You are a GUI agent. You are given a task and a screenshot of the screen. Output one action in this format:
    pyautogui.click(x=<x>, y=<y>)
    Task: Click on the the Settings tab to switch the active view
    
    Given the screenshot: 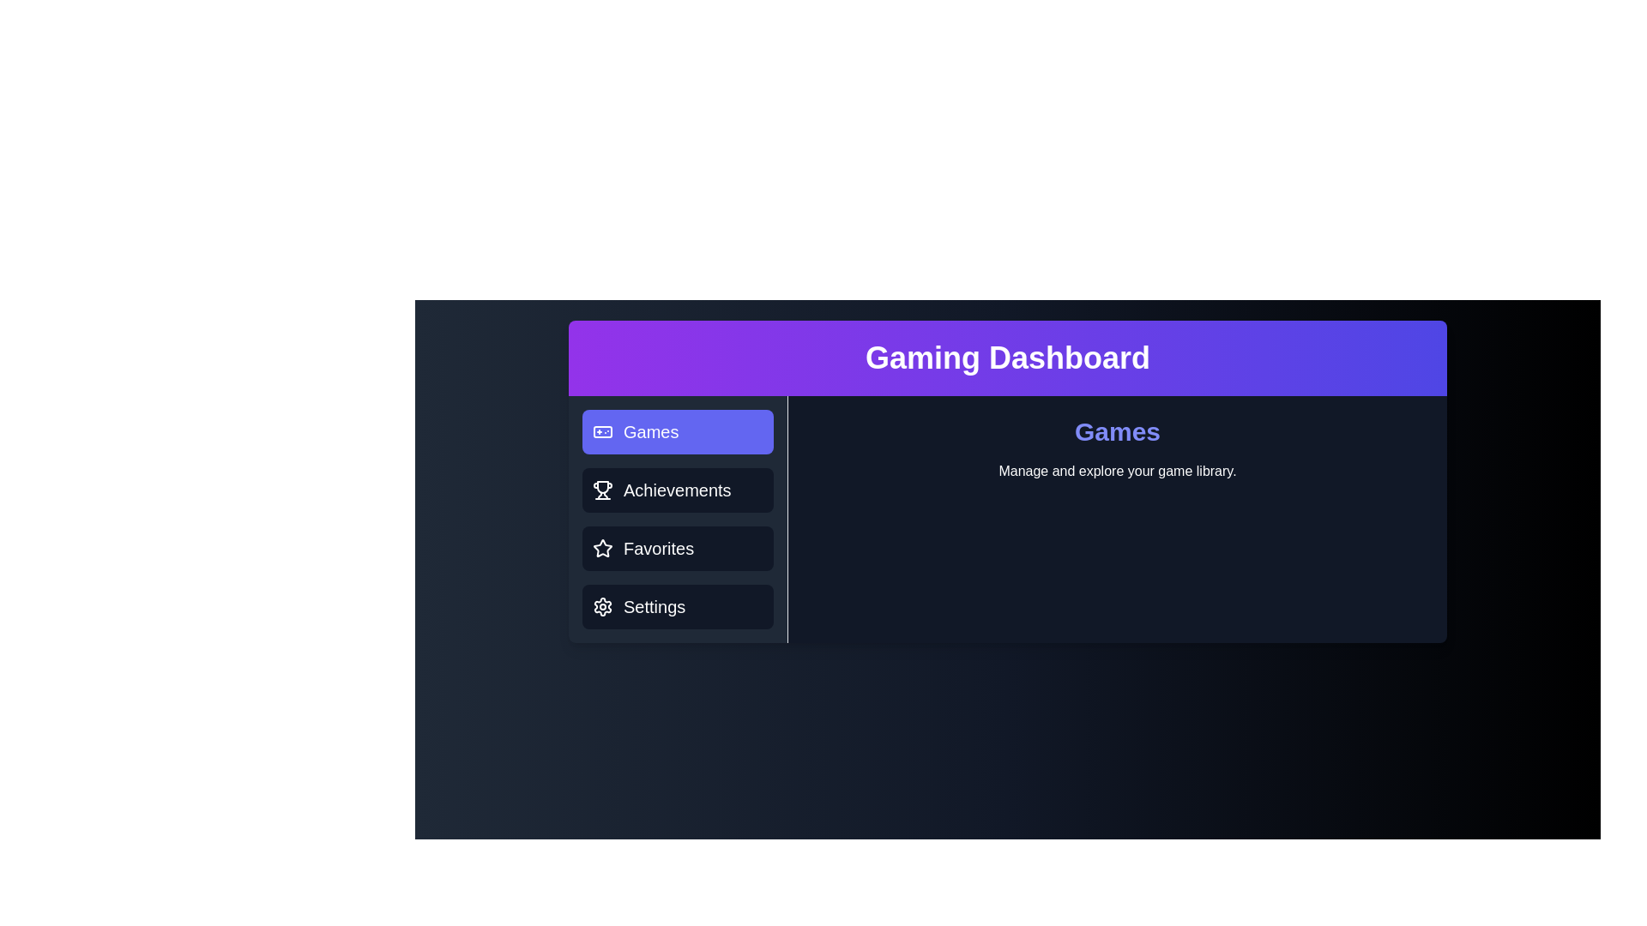 What is the action you would take?
    pyautogui.click(x=677, y=606)
    